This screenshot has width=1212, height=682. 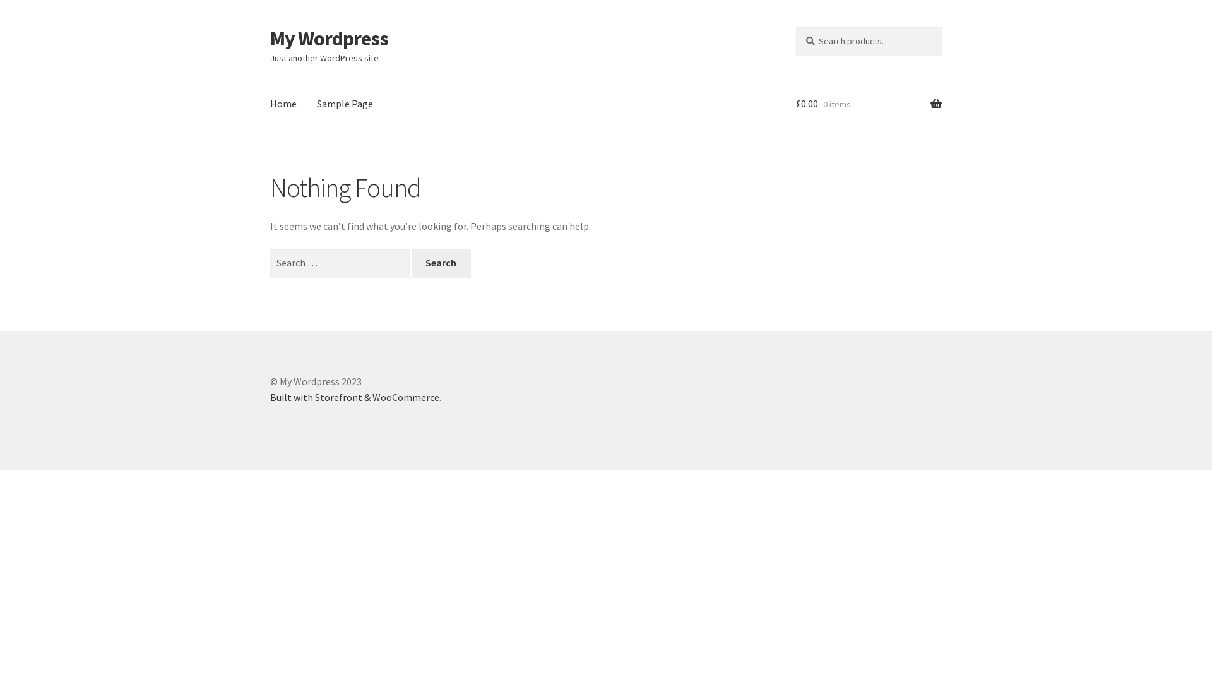 I want to click on 'My Wordpress', so click(x=269, y=38).